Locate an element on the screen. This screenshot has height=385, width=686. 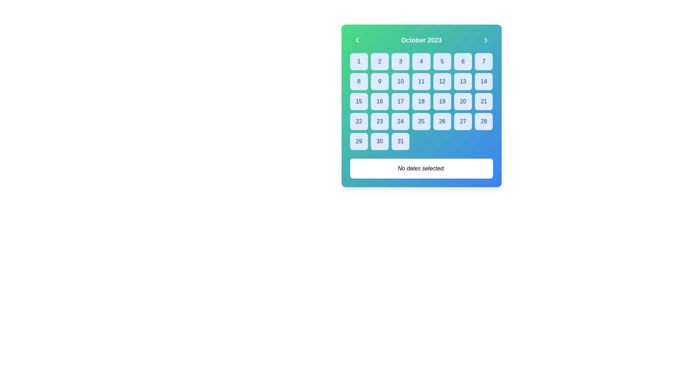
the rounded rectangular button displaying the number '16' in the calendar widget is located at coordinates (379, 102).